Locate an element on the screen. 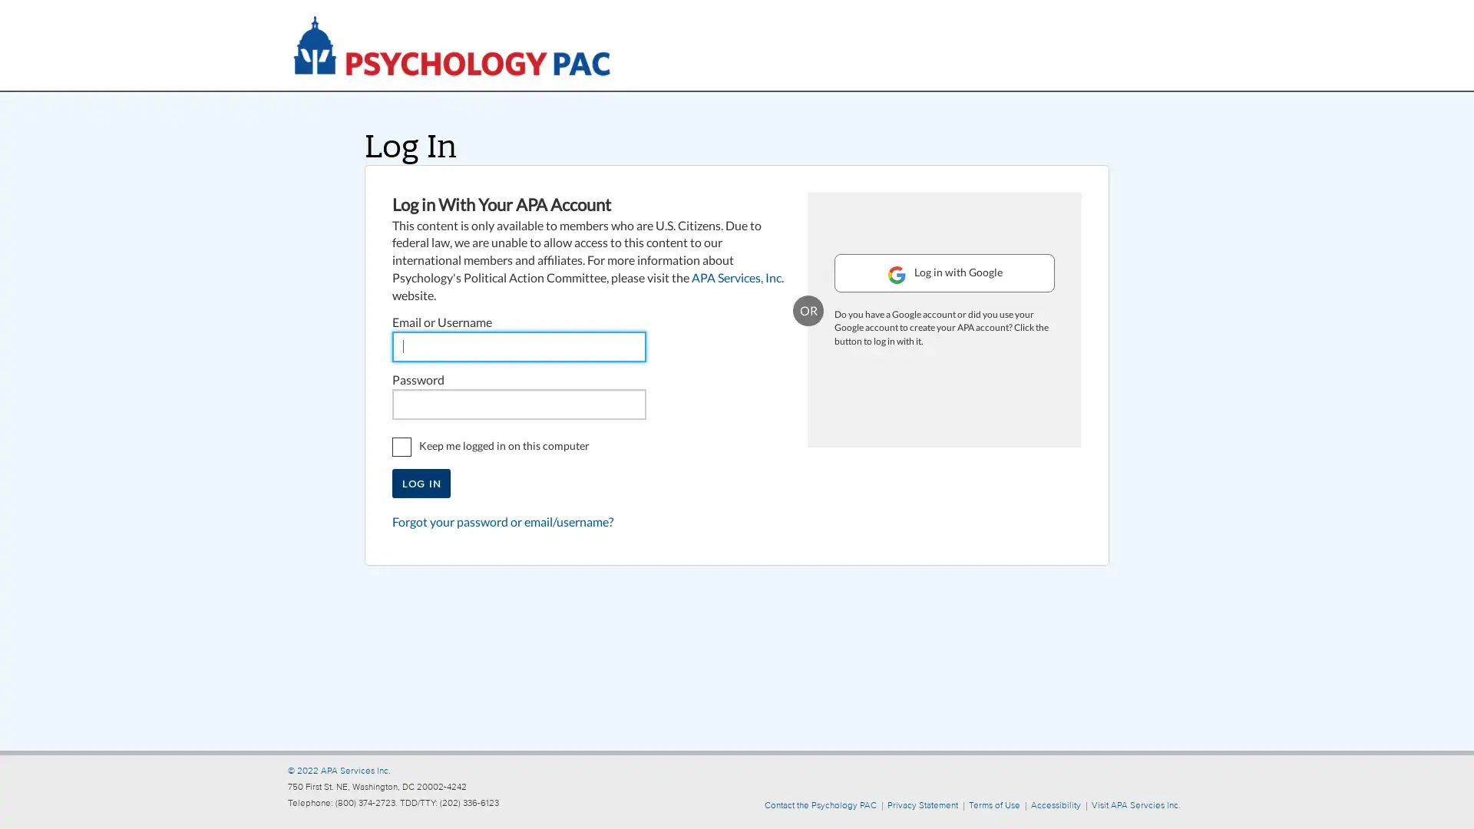  Log In is located at coordinates (421, 481).